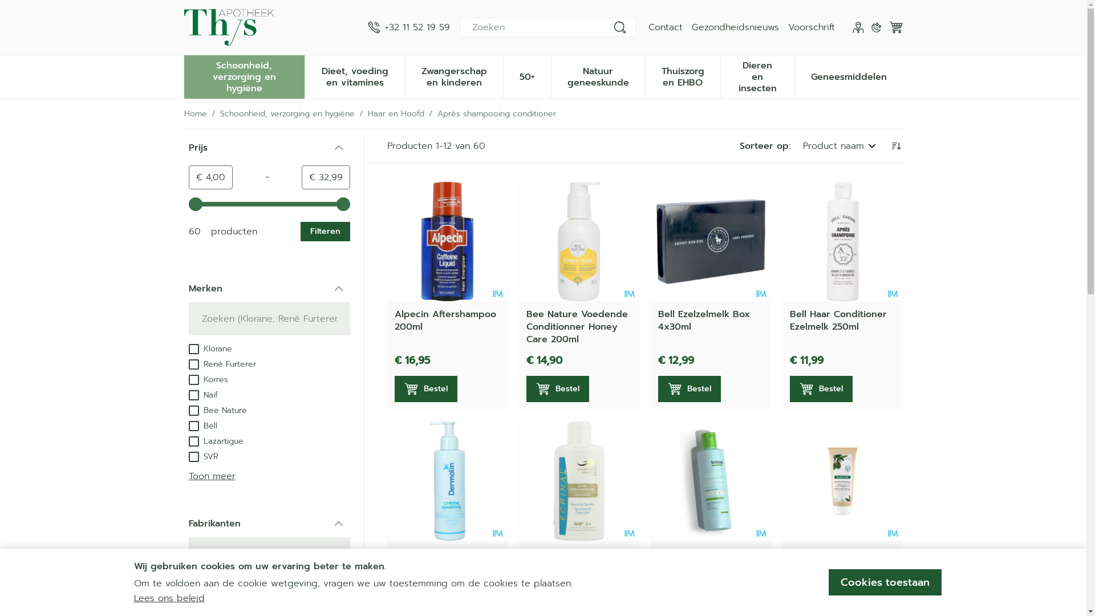  I want to click on 'Donkere modus', so click(875, 26).